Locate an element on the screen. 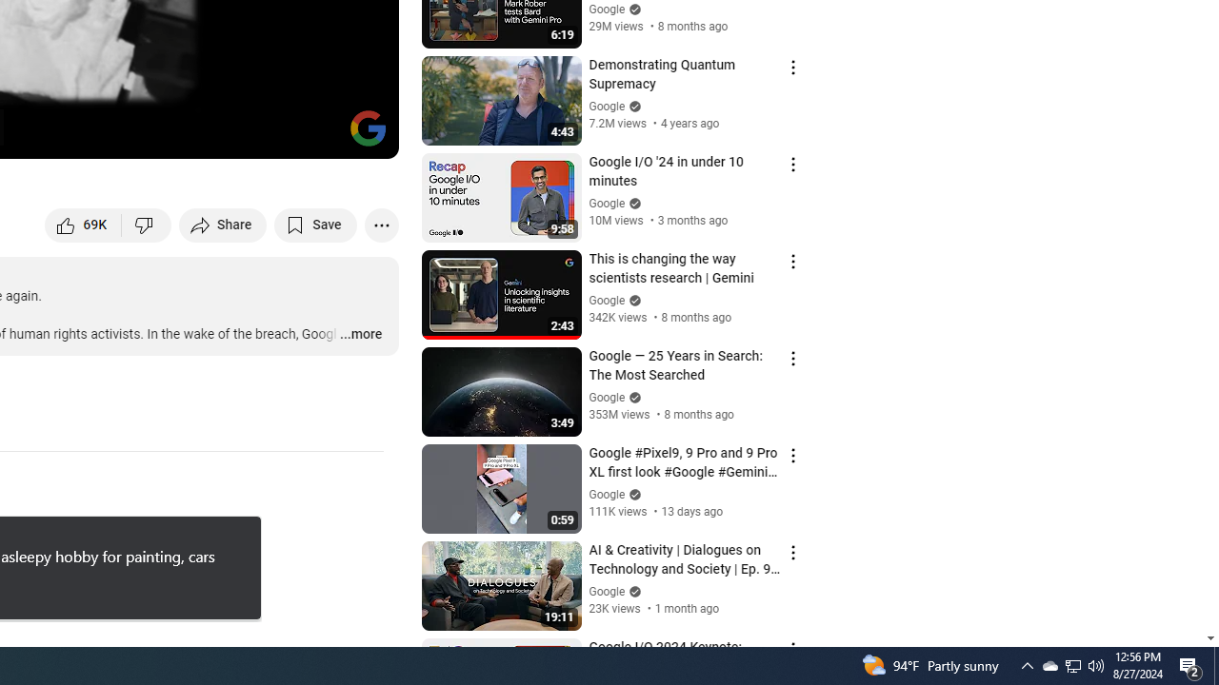  'Share' is located at coordinates (223, 224).